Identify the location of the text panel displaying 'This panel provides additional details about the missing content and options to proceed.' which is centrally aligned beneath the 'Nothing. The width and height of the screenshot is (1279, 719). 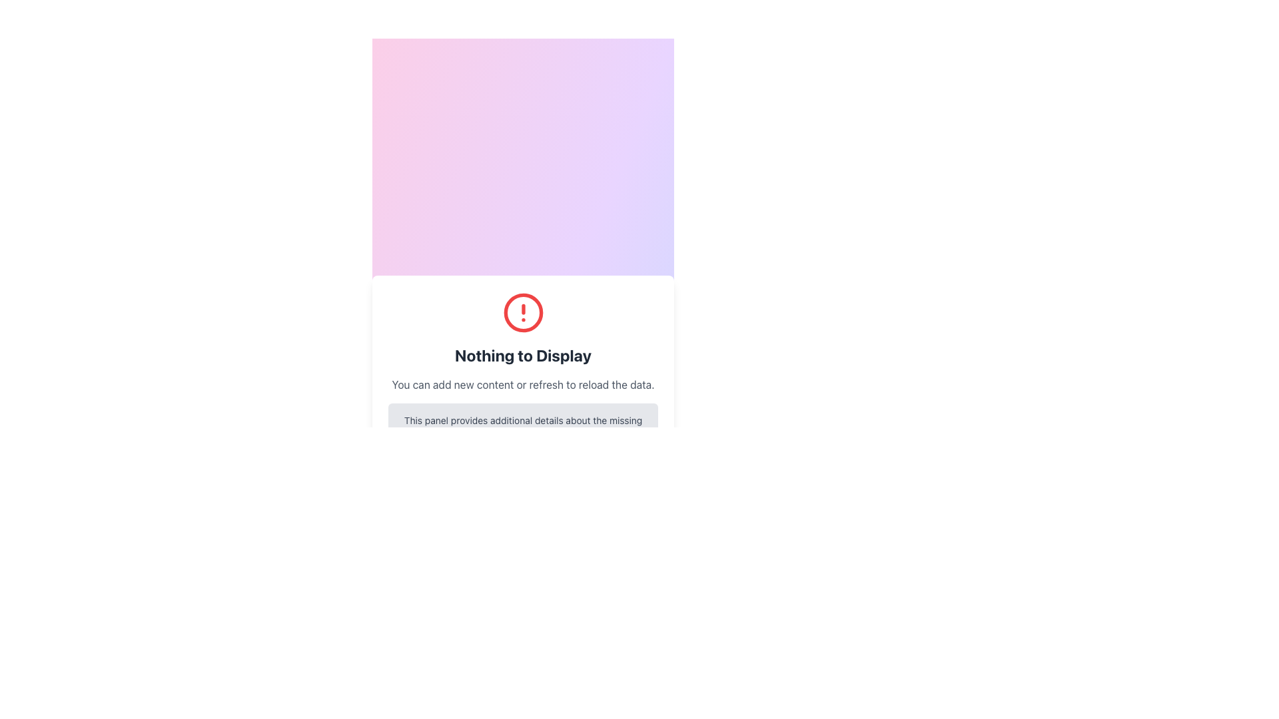
(522, 427).